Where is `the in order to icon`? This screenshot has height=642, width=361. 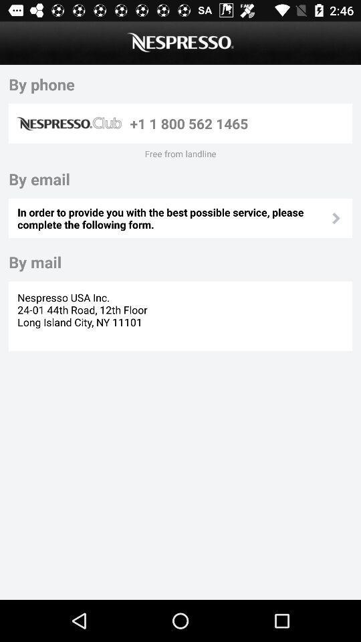 the in order to icon is located at coordinates (173, 218).